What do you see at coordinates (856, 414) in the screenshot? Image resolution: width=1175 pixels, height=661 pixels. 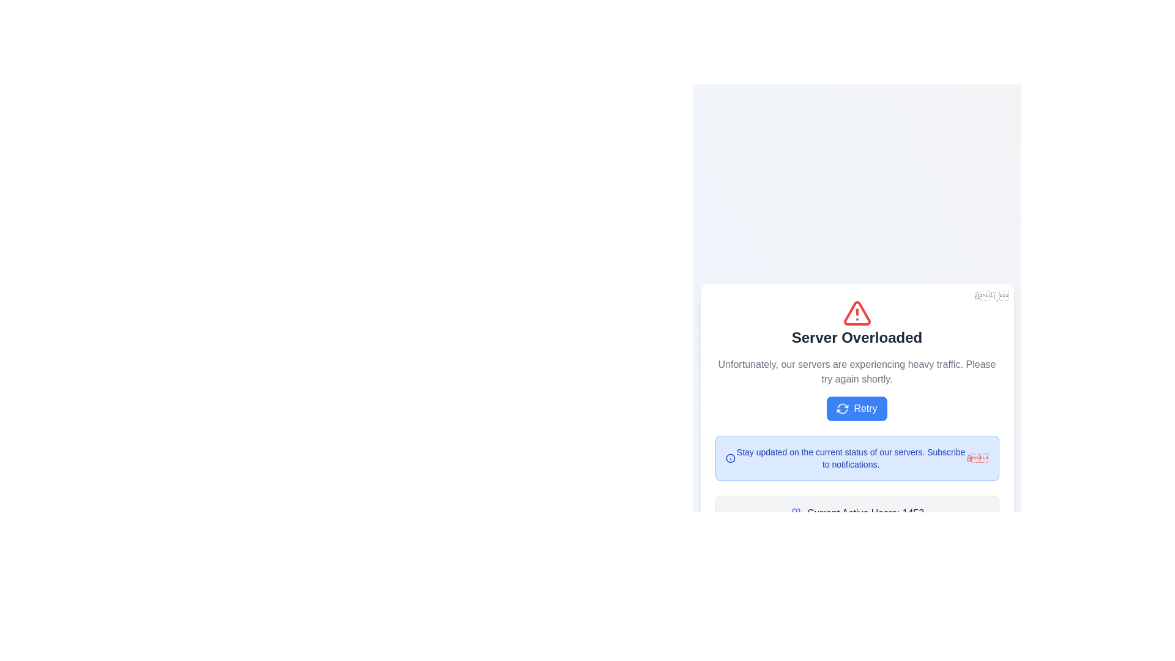 I see `the retry button located directly beneath the error message about server traffic to initiate a retry action` at bounding box center [856, 414].